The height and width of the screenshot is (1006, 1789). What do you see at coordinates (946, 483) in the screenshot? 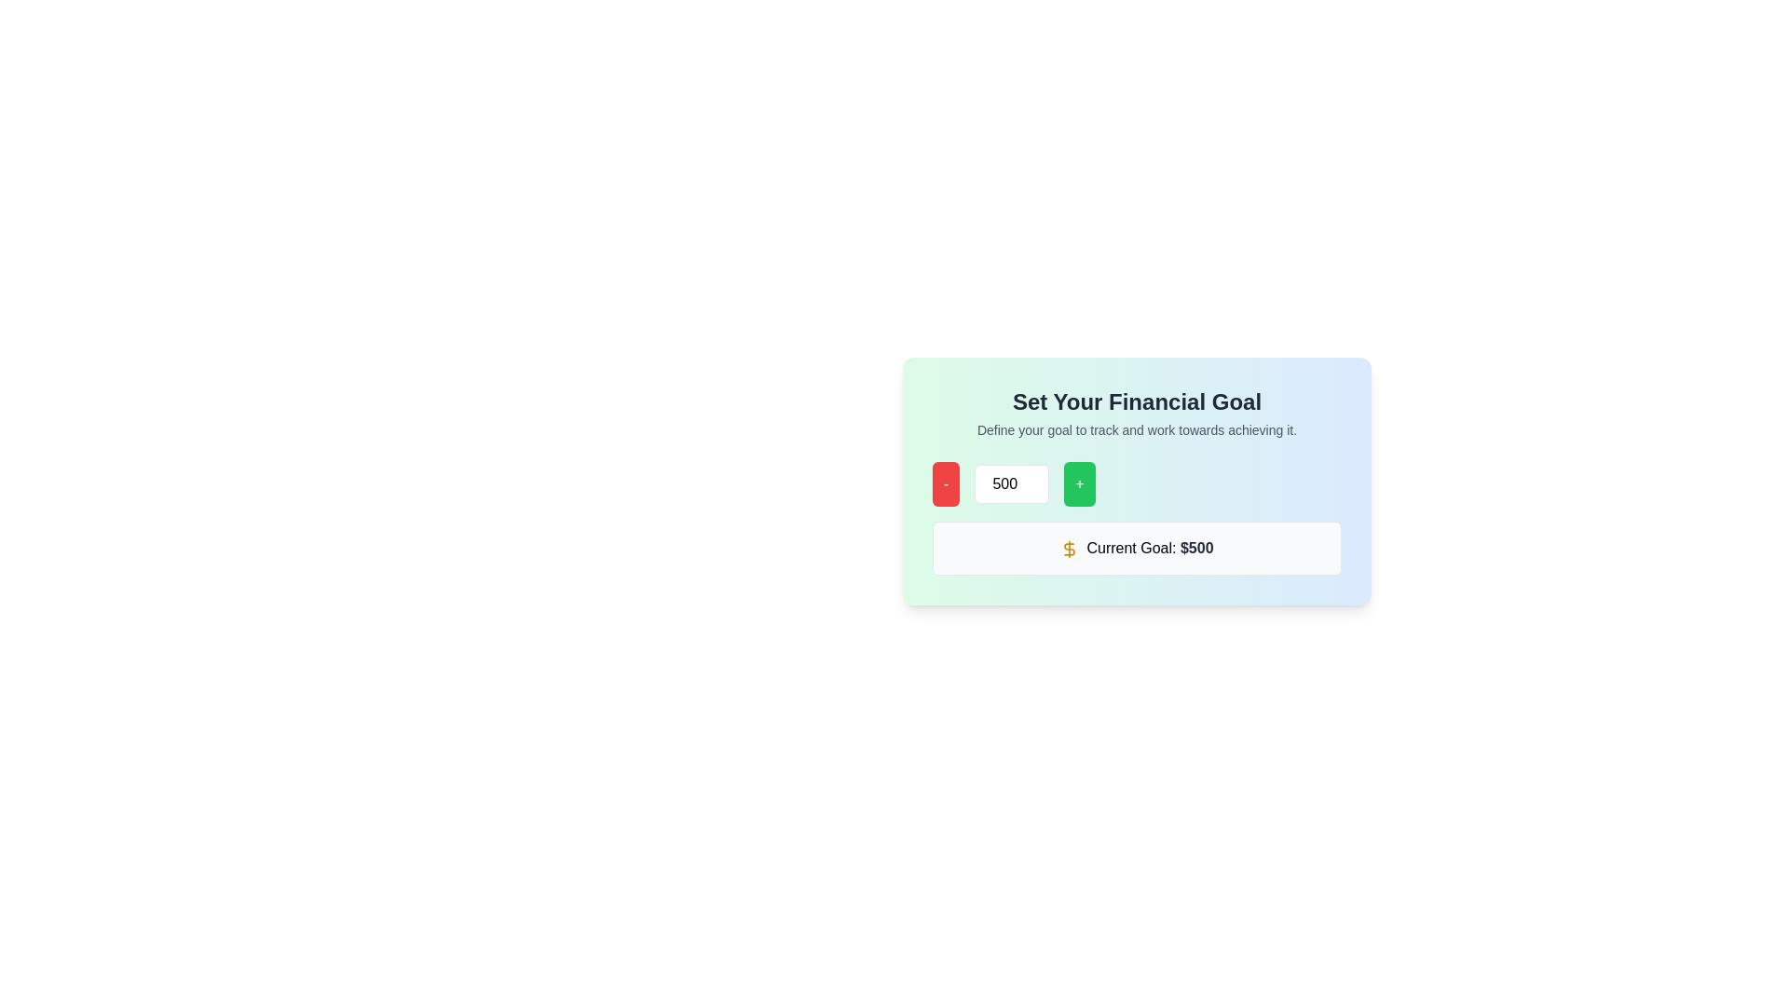
I see `the decrement button located to the left of the number input field to decrease the displayed value` at bounding box center [946, 483].